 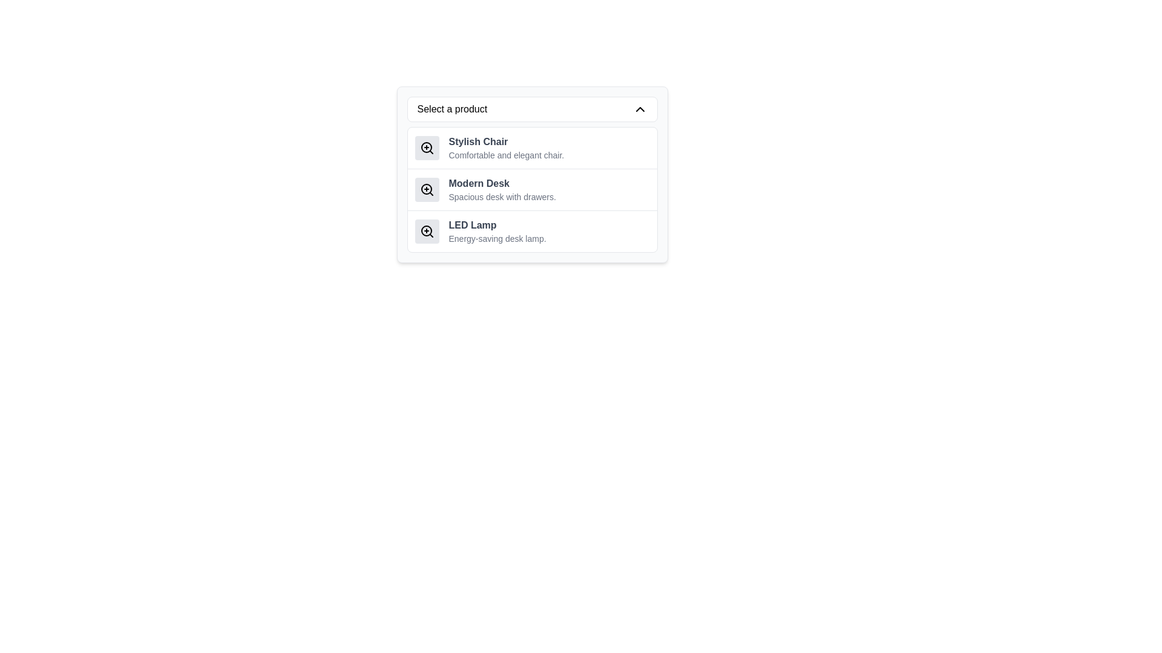 What do you see at coordinates (639, 109) in the screenshot?
I see `the upward-facing chevron icon with a black stroke outline located on the far-right of the 'Select a product' selector bar` at bounding box center [639, 109].